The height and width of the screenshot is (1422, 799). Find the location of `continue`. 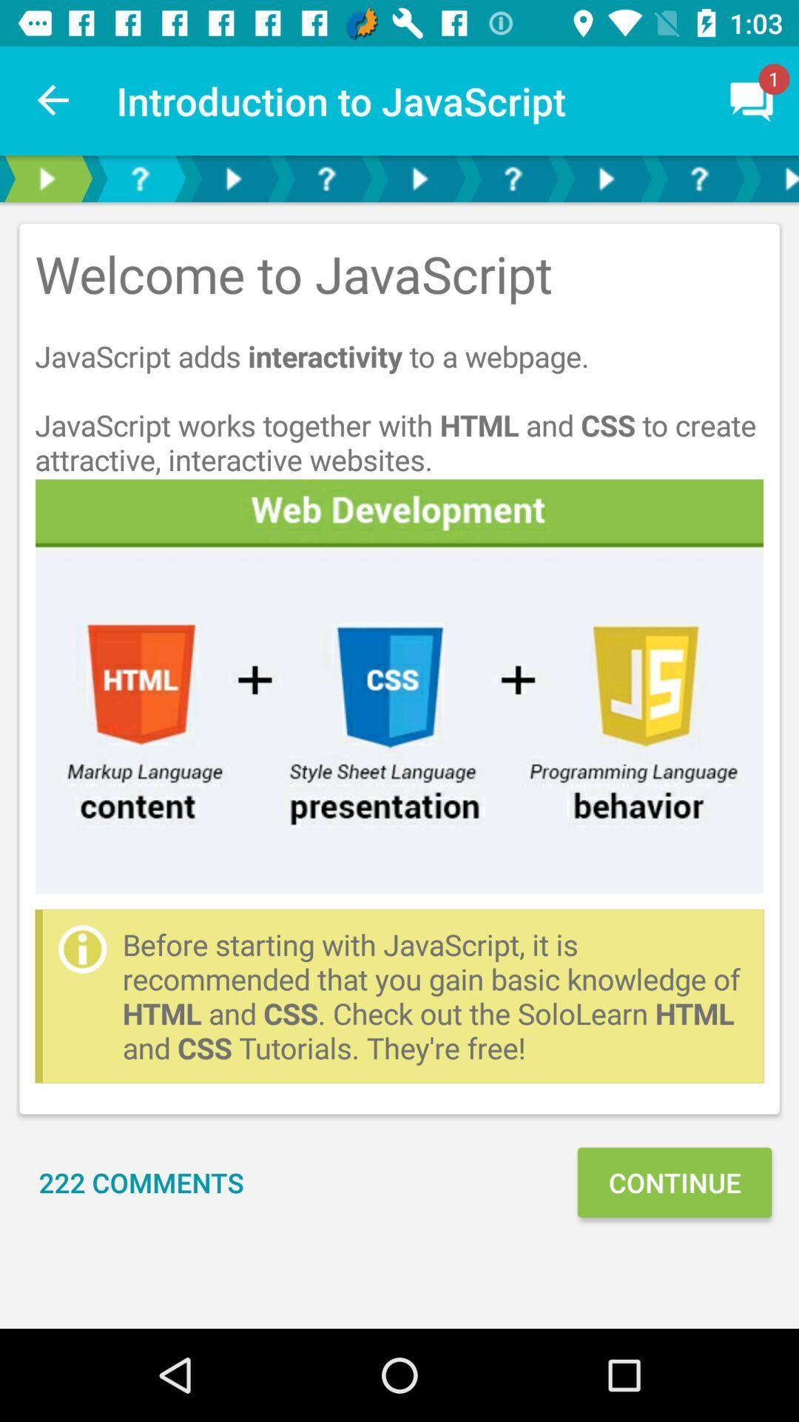

continue is located at coordinates (674, 1181).